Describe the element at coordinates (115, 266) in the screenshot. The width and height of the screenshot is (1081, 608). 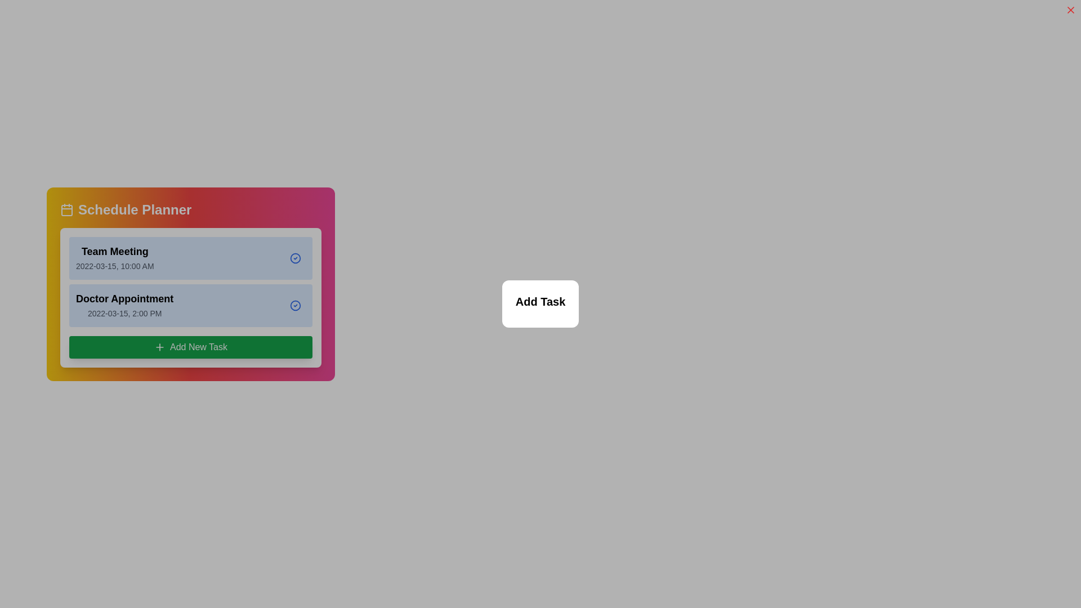
I see `the static text label displaying '2022-03-15, 10:00 AM' located below the 'Team Meeting' title in the schedule interface` at that location.